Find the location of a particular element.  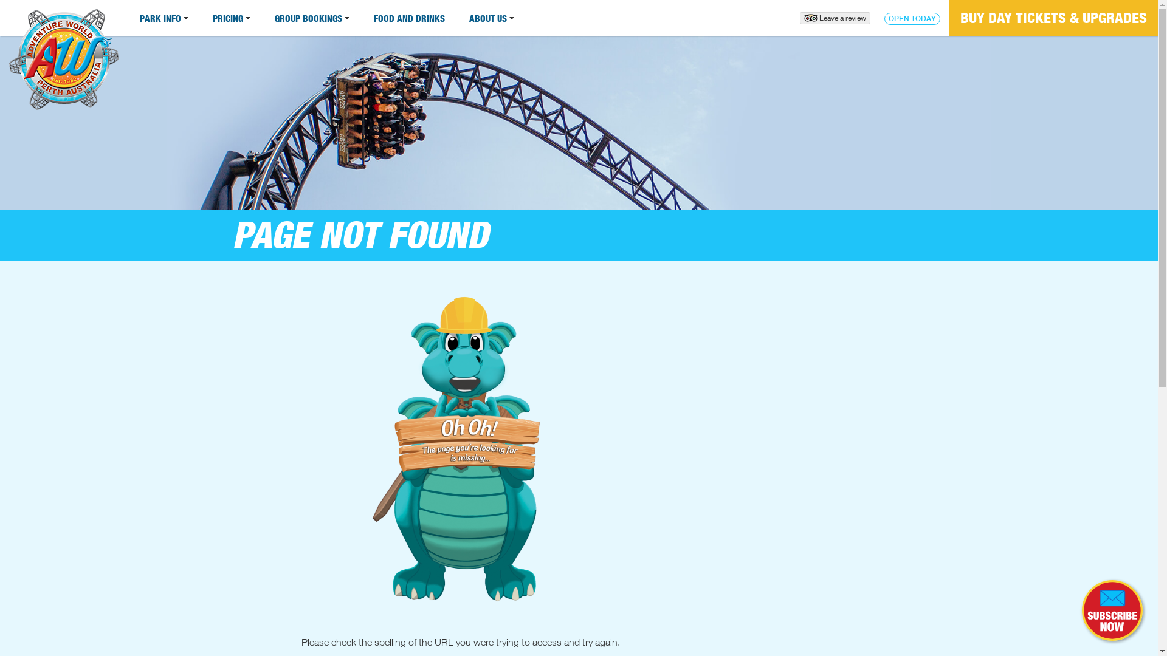

'GROUP BOOKINGS' is located at coordinates (312, 18).